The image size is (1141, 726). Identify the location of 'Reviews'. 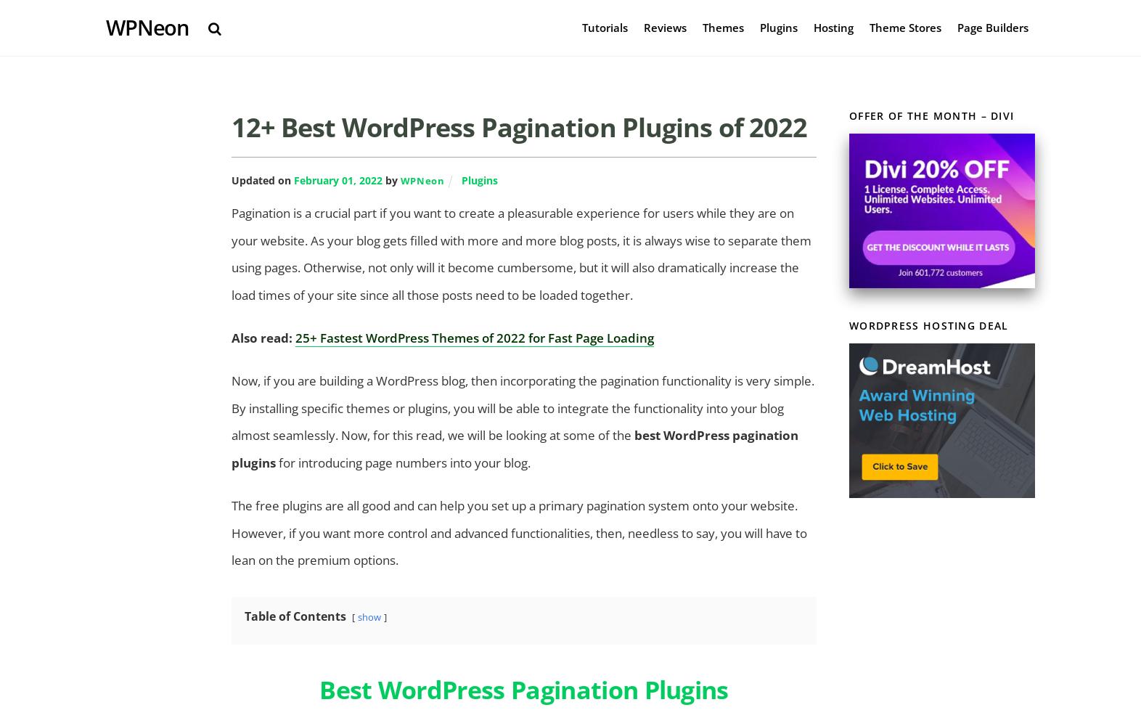
(664, 28).